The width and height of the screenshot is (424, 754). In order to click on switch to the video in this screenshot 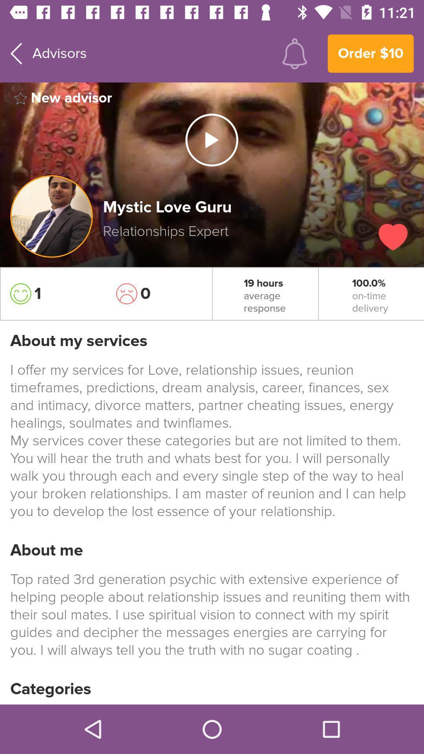, I will do `click(211, 140)`.